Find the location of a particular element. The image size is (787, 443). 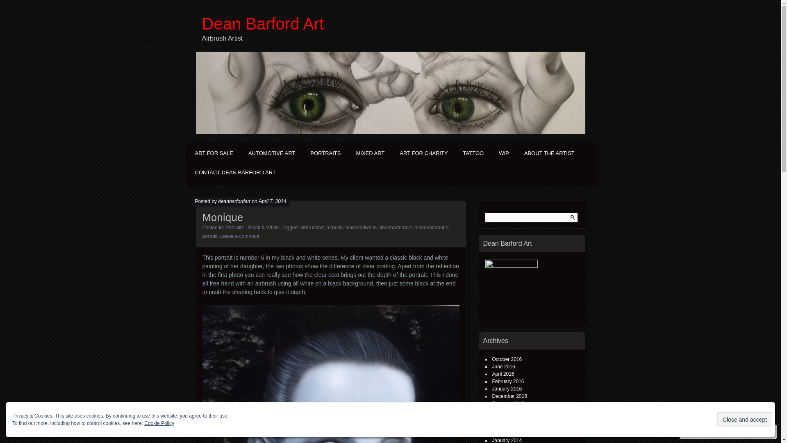

'ART FOR SALE' is located at coordinates (188, 153).